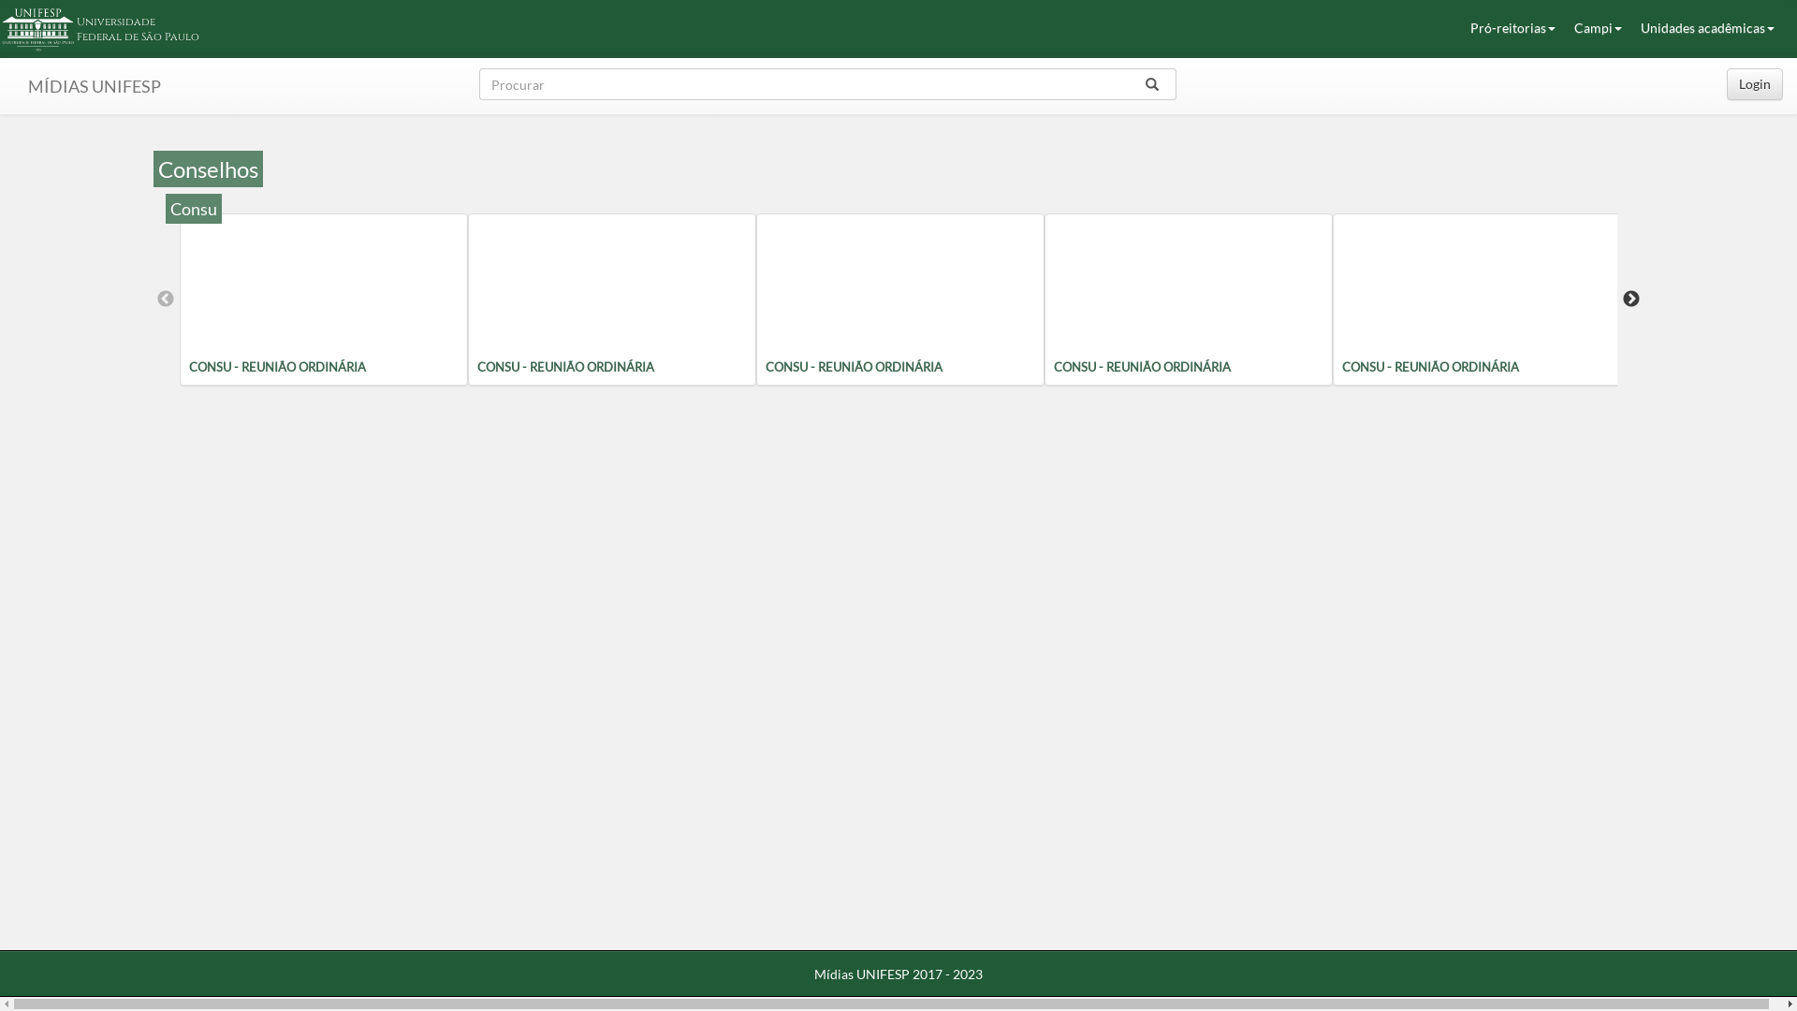 This screenshot has width=1797, height=1011. I want to click on 'Consu', so click(193, 209).